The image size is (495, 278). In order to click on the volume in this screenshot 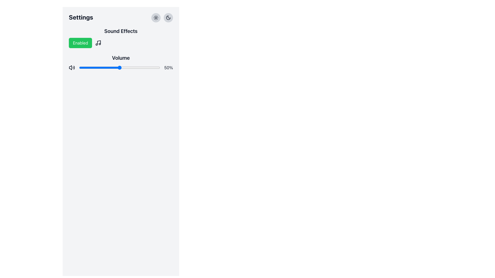, I will do `click(122, 67)`.